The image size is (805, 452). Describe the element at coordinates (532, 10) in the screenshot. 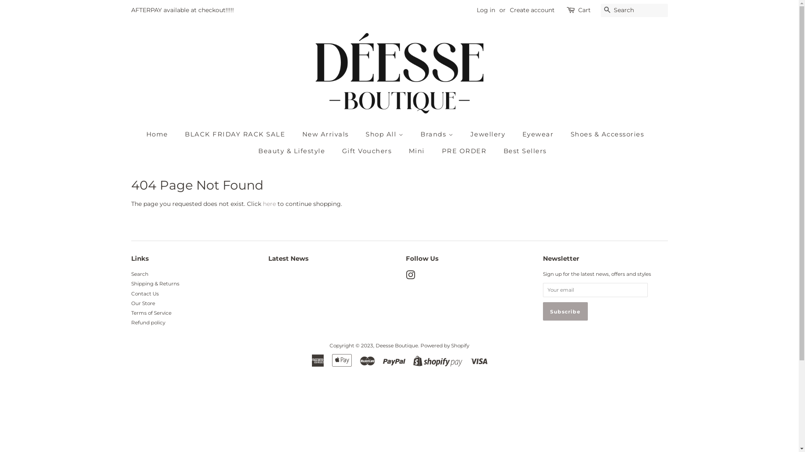

I see `'Create account'` at that location.